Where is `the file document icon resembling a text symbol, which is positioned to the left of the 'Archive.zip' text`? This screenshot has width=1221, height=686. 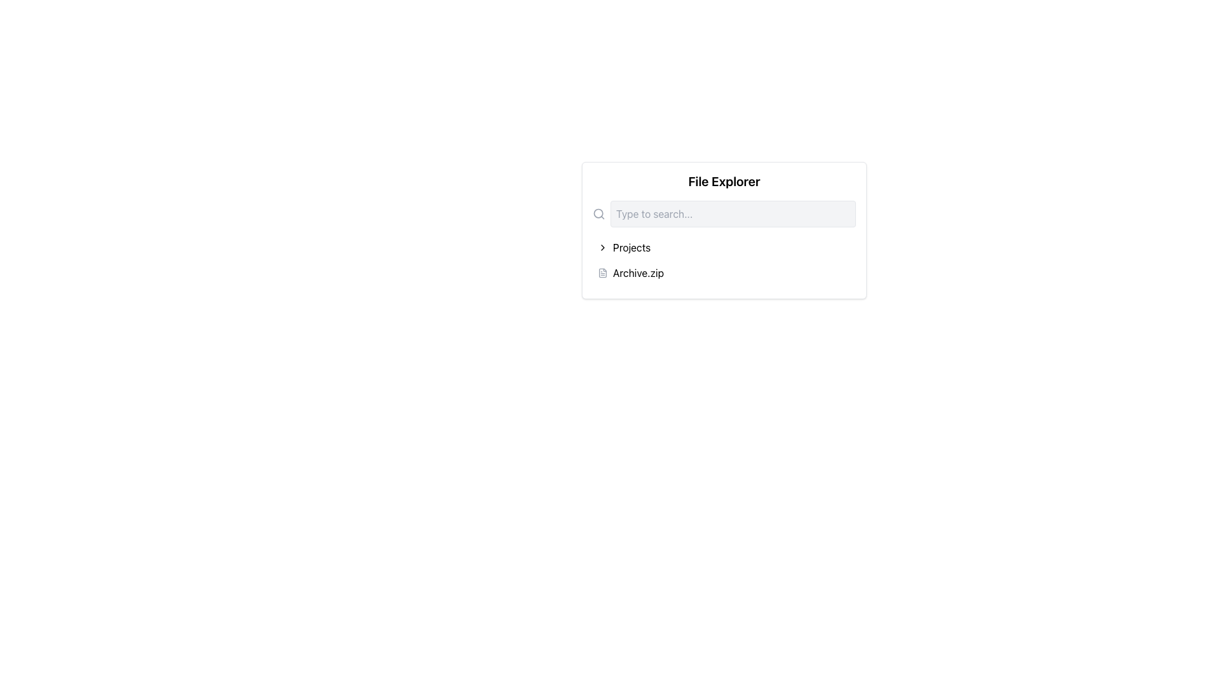
the file document icon resembling a text symbol, which is positioned to the left of the 'Archive.zip' text is located at coordinates (602, 272).